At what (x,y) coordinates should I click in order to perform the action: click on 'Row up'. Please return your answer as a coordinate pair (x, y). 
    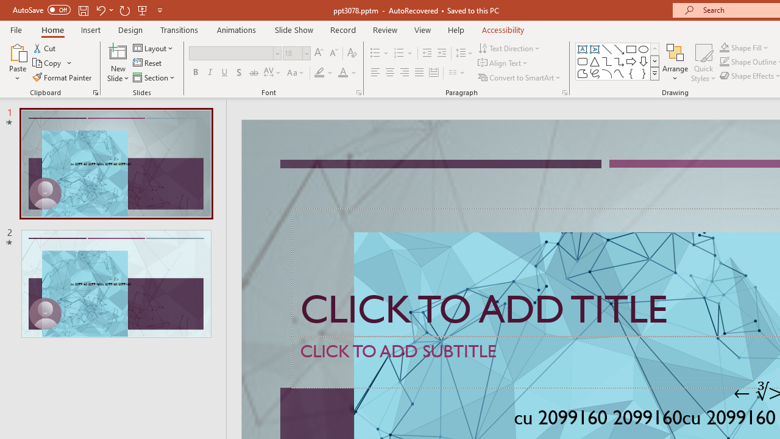
    Looking at the image, I should click on (654, 48).